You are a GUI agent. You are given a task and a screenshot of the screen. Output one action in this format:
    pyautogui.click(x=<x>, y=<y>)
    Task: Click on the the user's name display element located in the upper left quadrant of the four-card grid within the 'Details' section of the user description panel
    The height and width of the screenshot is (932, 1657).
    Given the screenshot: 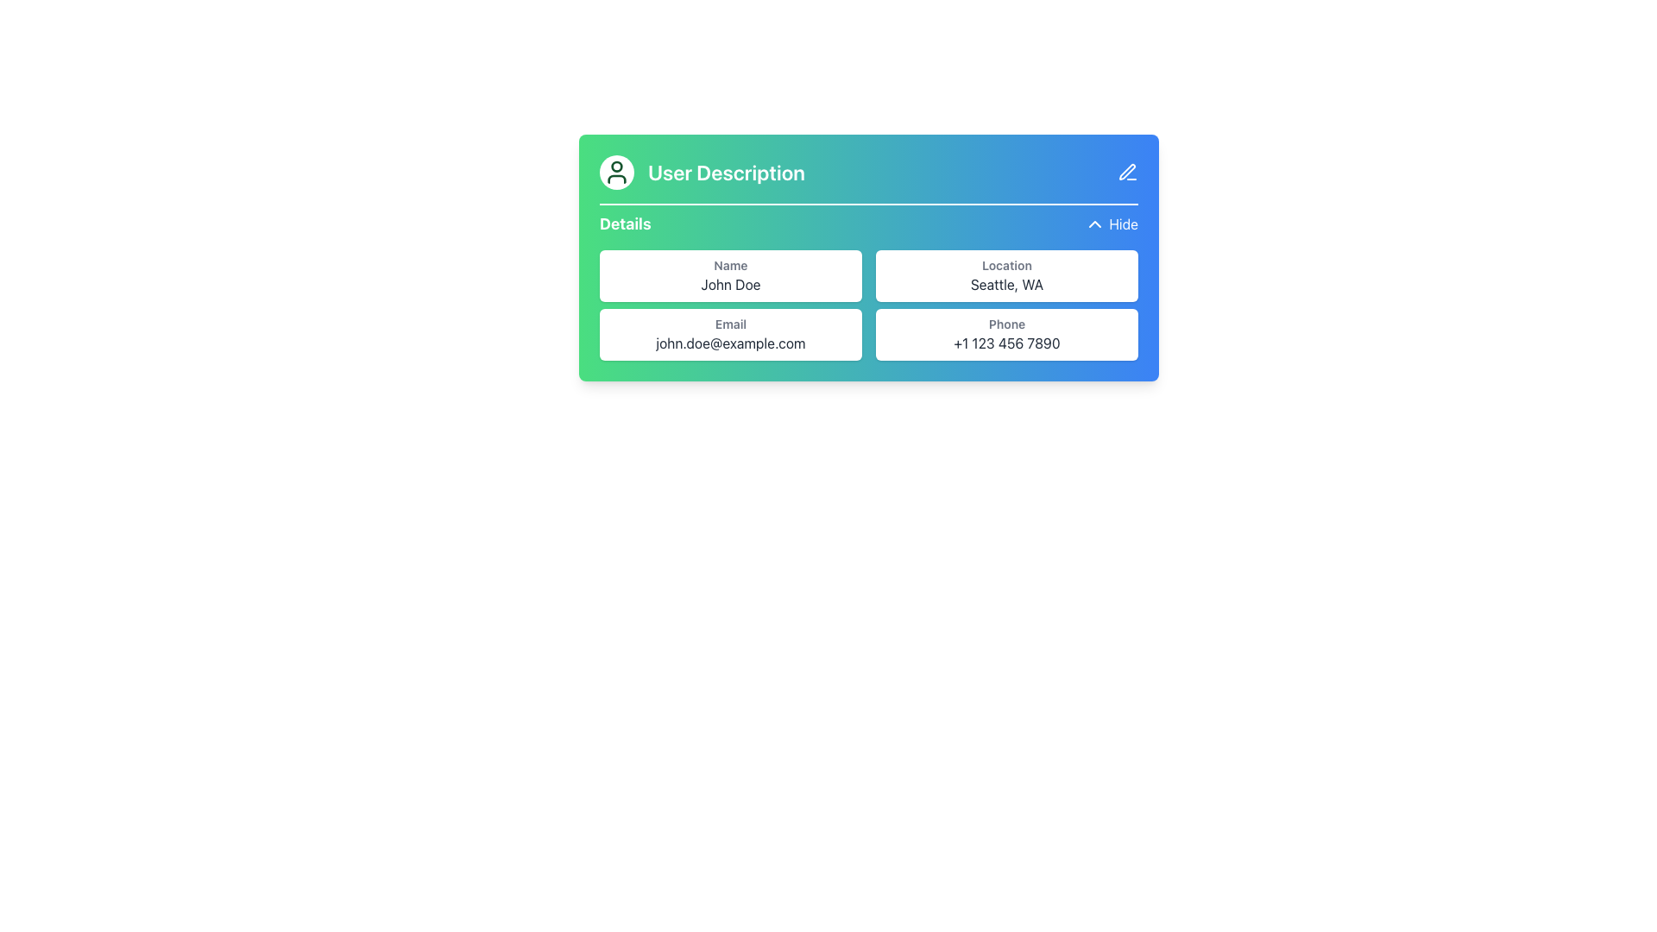 What is the action you would take?
    pyautogui.click(x=730, y=275)
    